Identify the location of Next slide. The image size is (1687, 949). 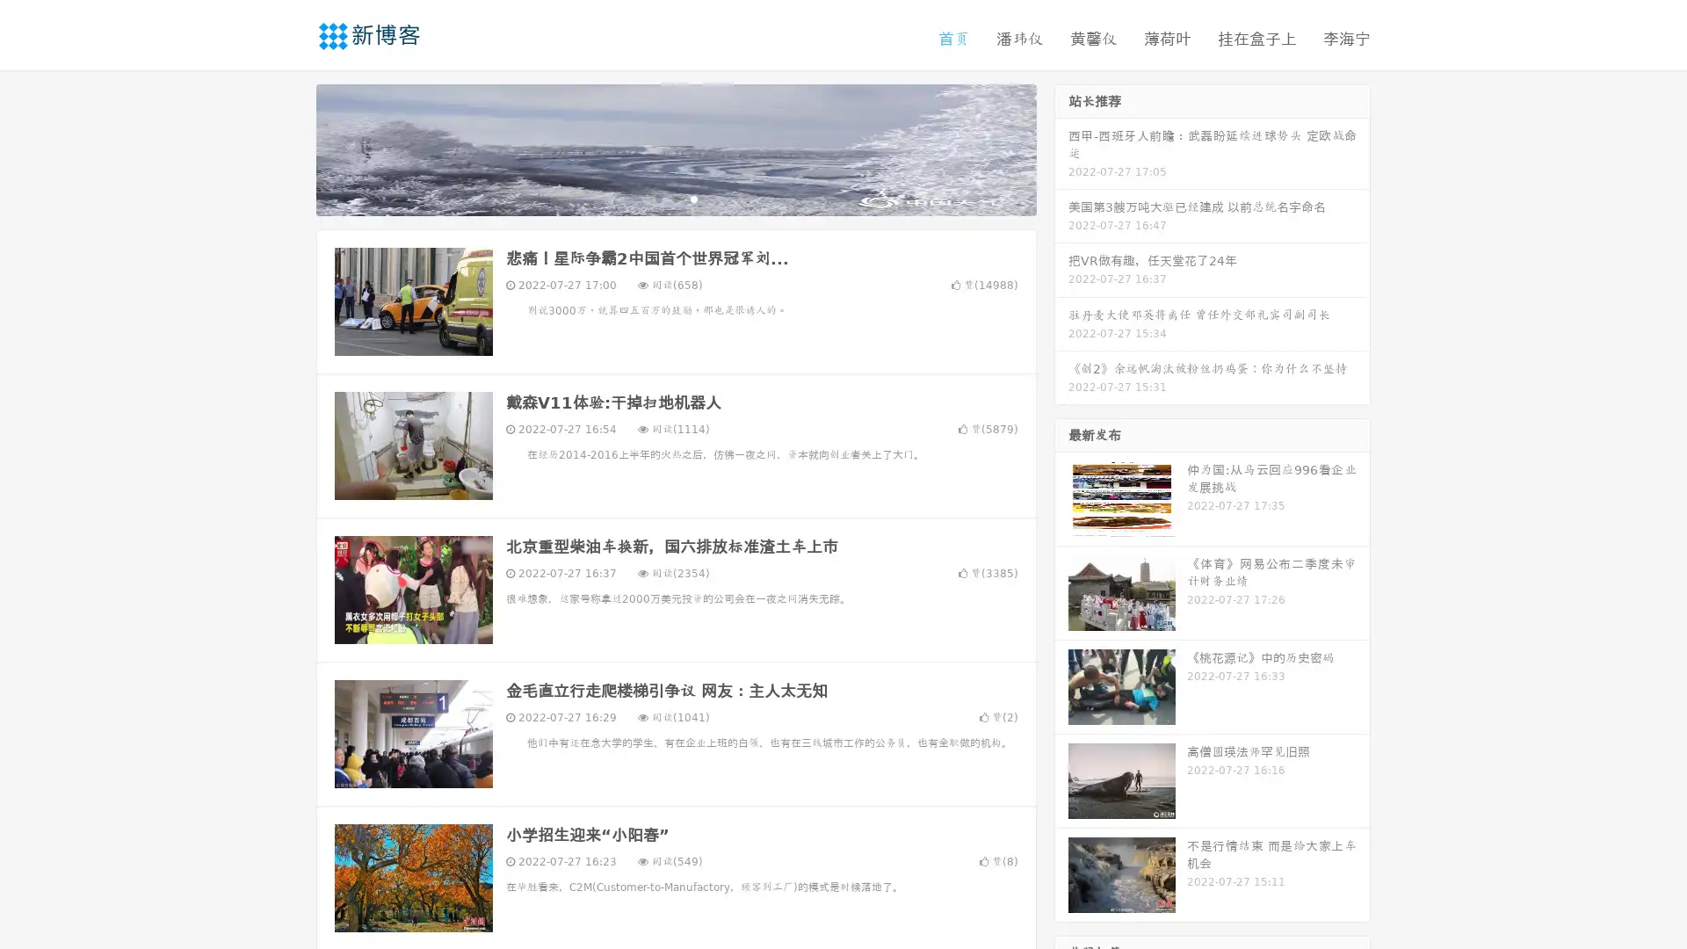
(1061, 148).